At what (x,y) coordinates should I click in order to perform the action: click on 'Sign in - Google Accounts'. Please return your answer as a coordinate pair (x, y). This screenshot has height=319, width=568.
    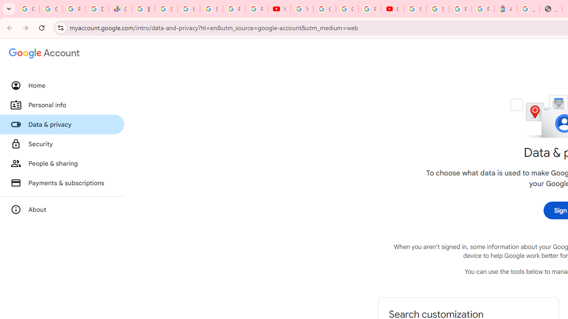
    Looking at the image, I should click on (414, 9).